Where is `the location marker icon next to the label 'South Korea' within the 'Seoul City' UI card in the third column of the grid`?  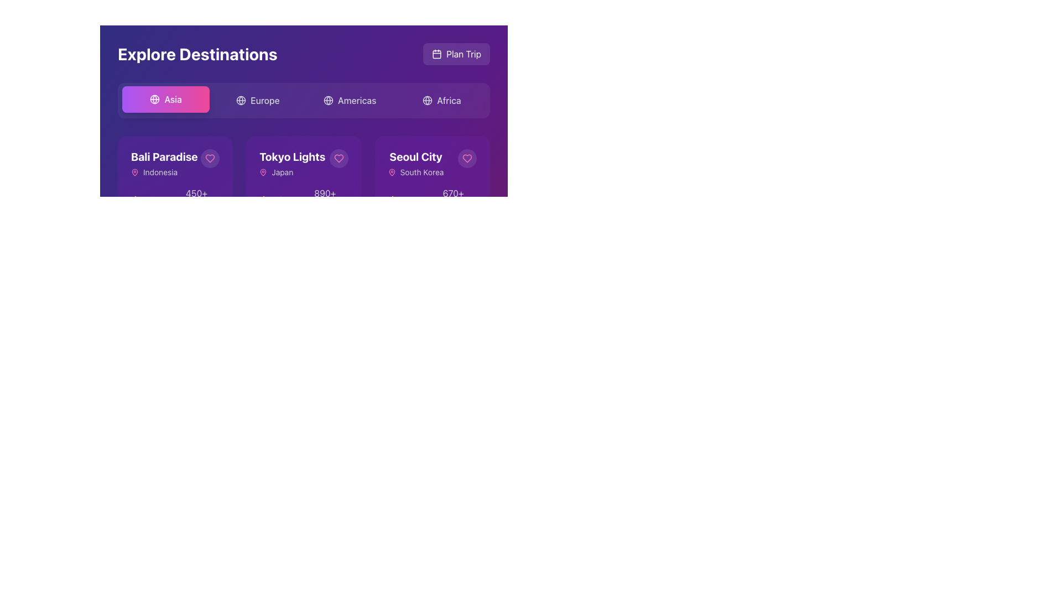 the location marker icon next to the label 'South Korea' within the 'Seoul City' UI card in the third column of the grid is located at coordinates (392, 172).